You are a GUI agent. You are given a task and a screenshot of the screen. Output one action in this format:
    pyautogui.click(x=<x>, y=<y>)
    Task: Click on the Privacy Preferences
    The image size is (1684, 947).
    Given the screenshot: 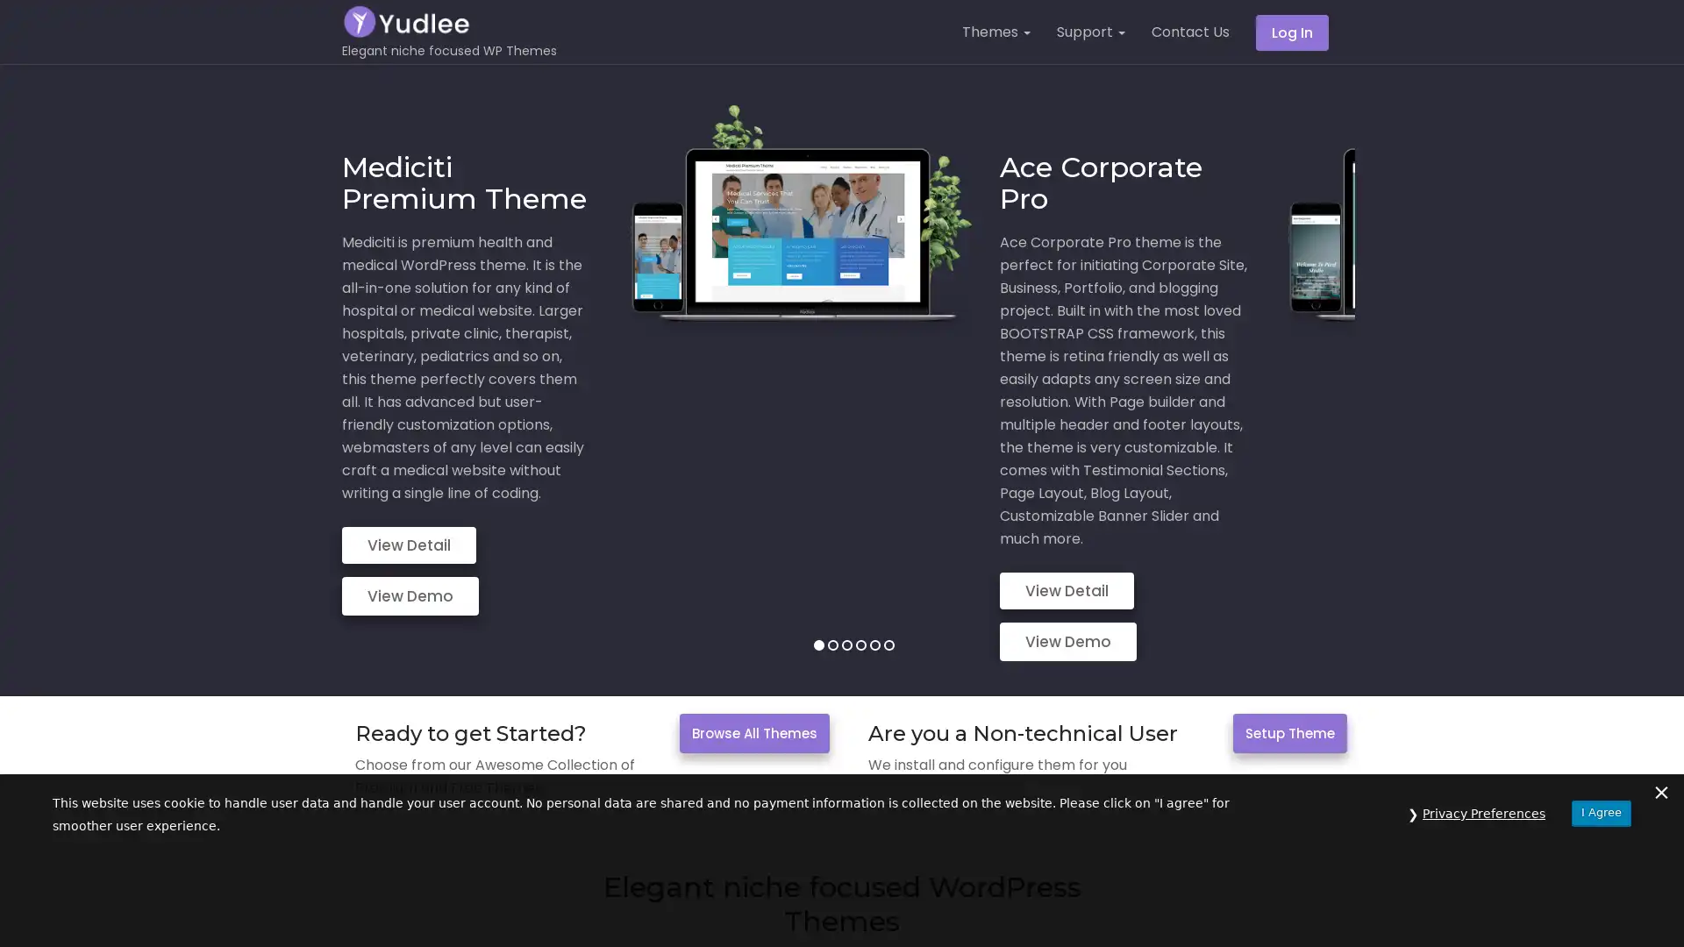 What is the action you would take?
    pyautogui.click(x=1483, y=906)
    